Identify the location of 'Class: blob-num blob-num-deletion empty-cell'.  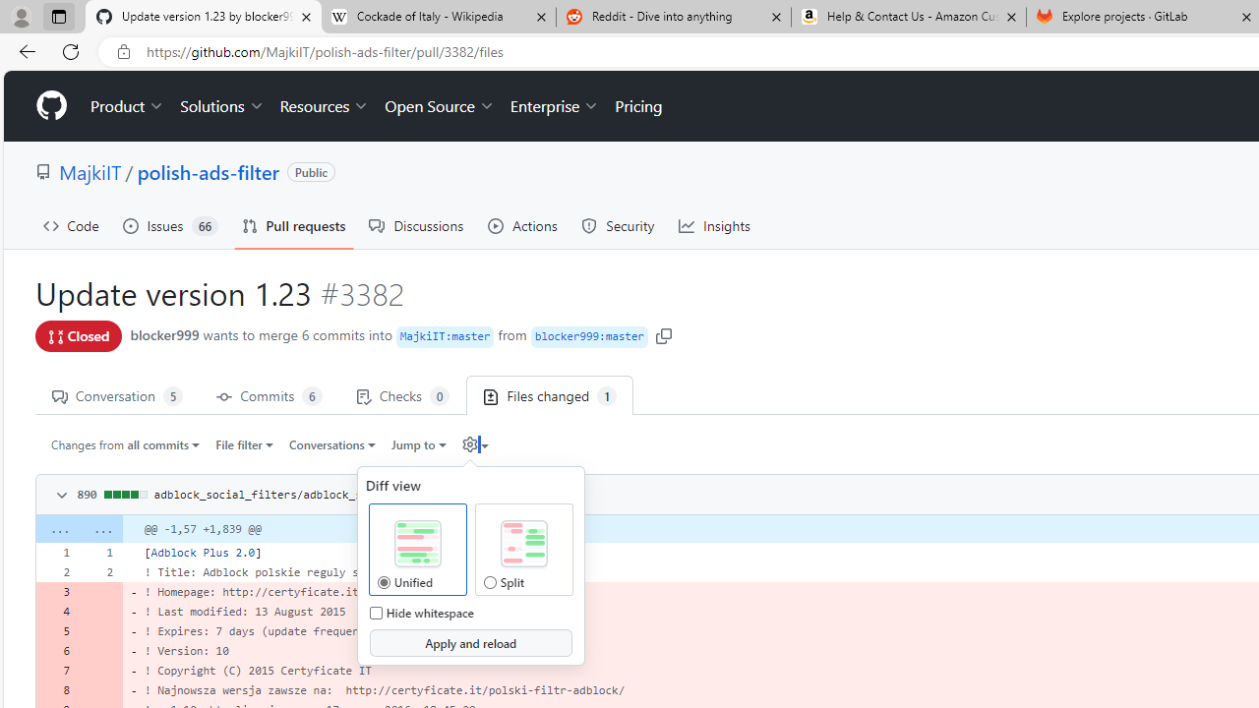
(100, 689).